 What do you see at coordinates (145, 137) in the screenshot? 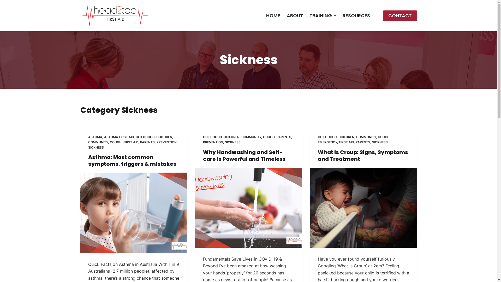
I see `'CHILDHOOD'` at bounding box center [145, 137].